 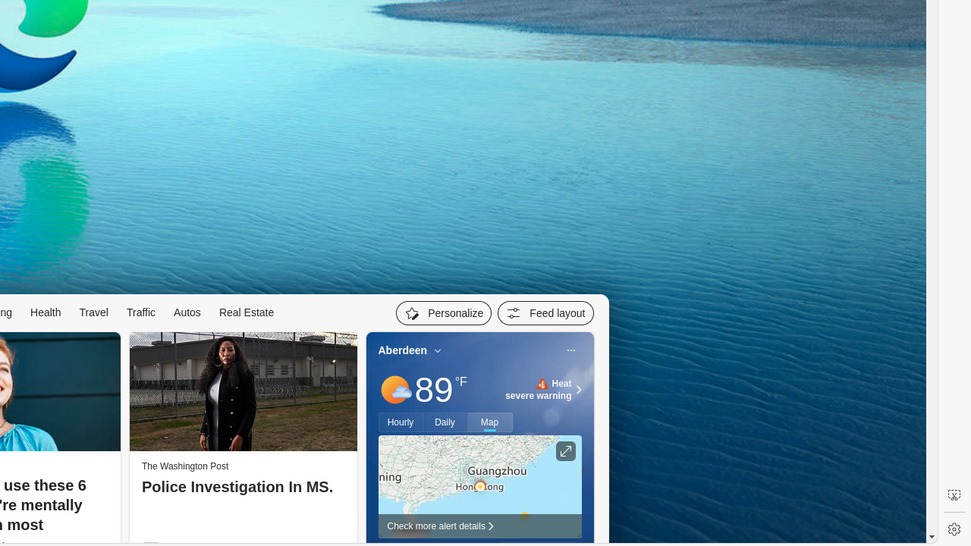 I want to click on 'Health', so click(x=46, y=311).